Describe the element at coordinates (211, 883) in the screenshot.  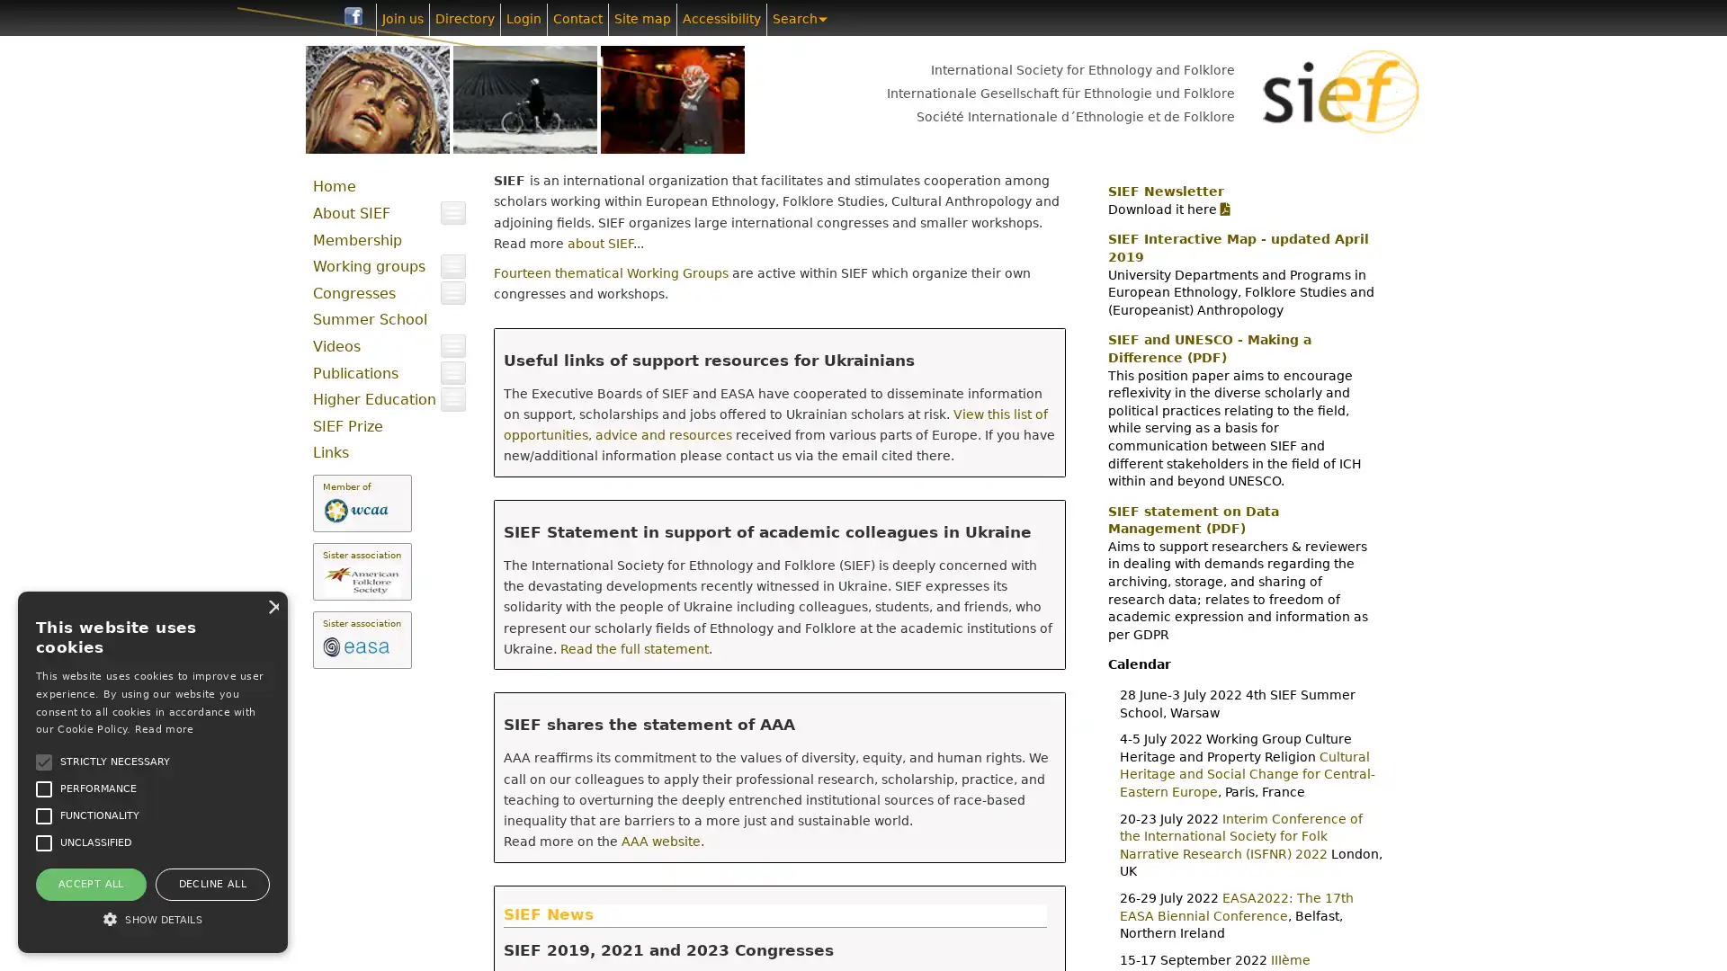
I see `DECLINE ALL` at that location.